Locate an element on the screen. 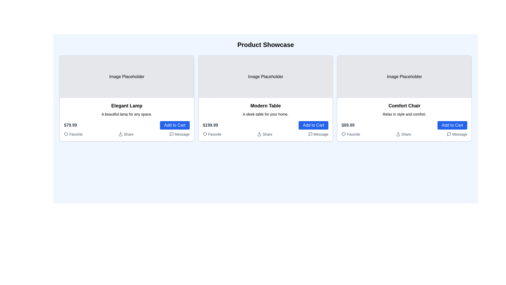 This screenshot has width=506, height=285. the 'Message' button, a horizontal text label with a speech bubble icon, located at the bottom-right corner of the 'Modern Table' card is located at coordinates (318, 134).